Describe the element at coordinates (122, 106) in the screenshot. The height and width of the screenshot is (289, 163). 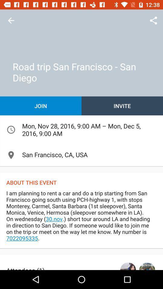
I see `icon next to join` at that location.